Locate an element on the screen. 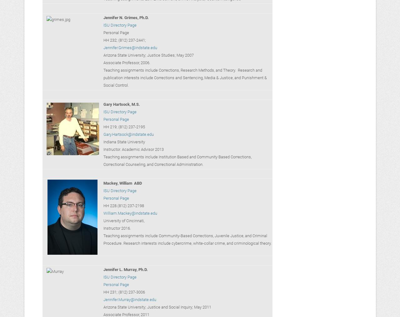 This screenshot has width=400, height=317. 'HH 231; (812) 237-3006' is located at coordinates (124, 292).